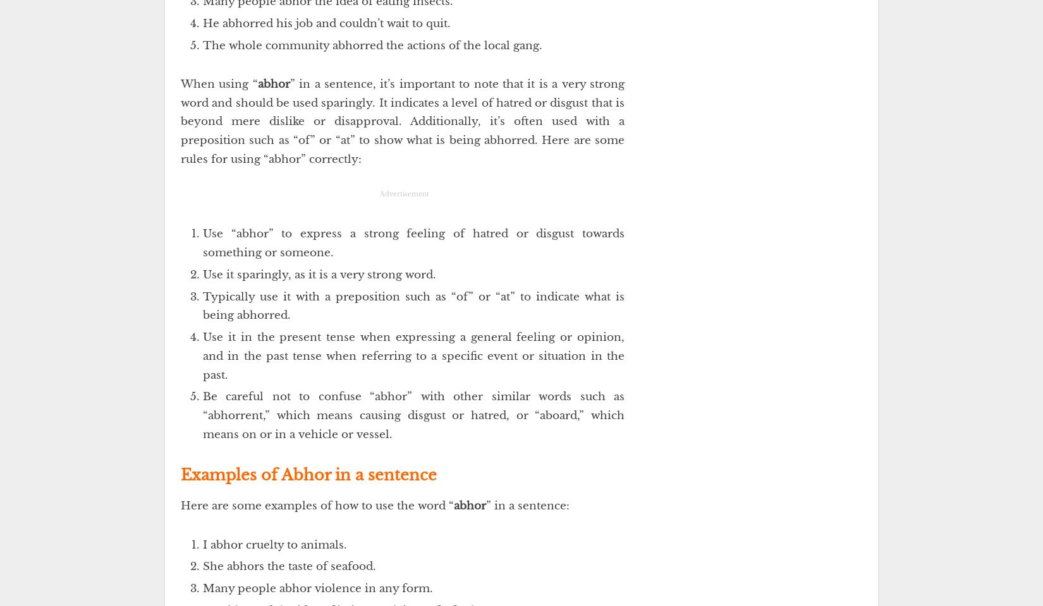 This screenshot has height=606, width=1043. Describe the element at coordinates (403, 194) in the screenshot. I see `'Advertisement'` at that location.